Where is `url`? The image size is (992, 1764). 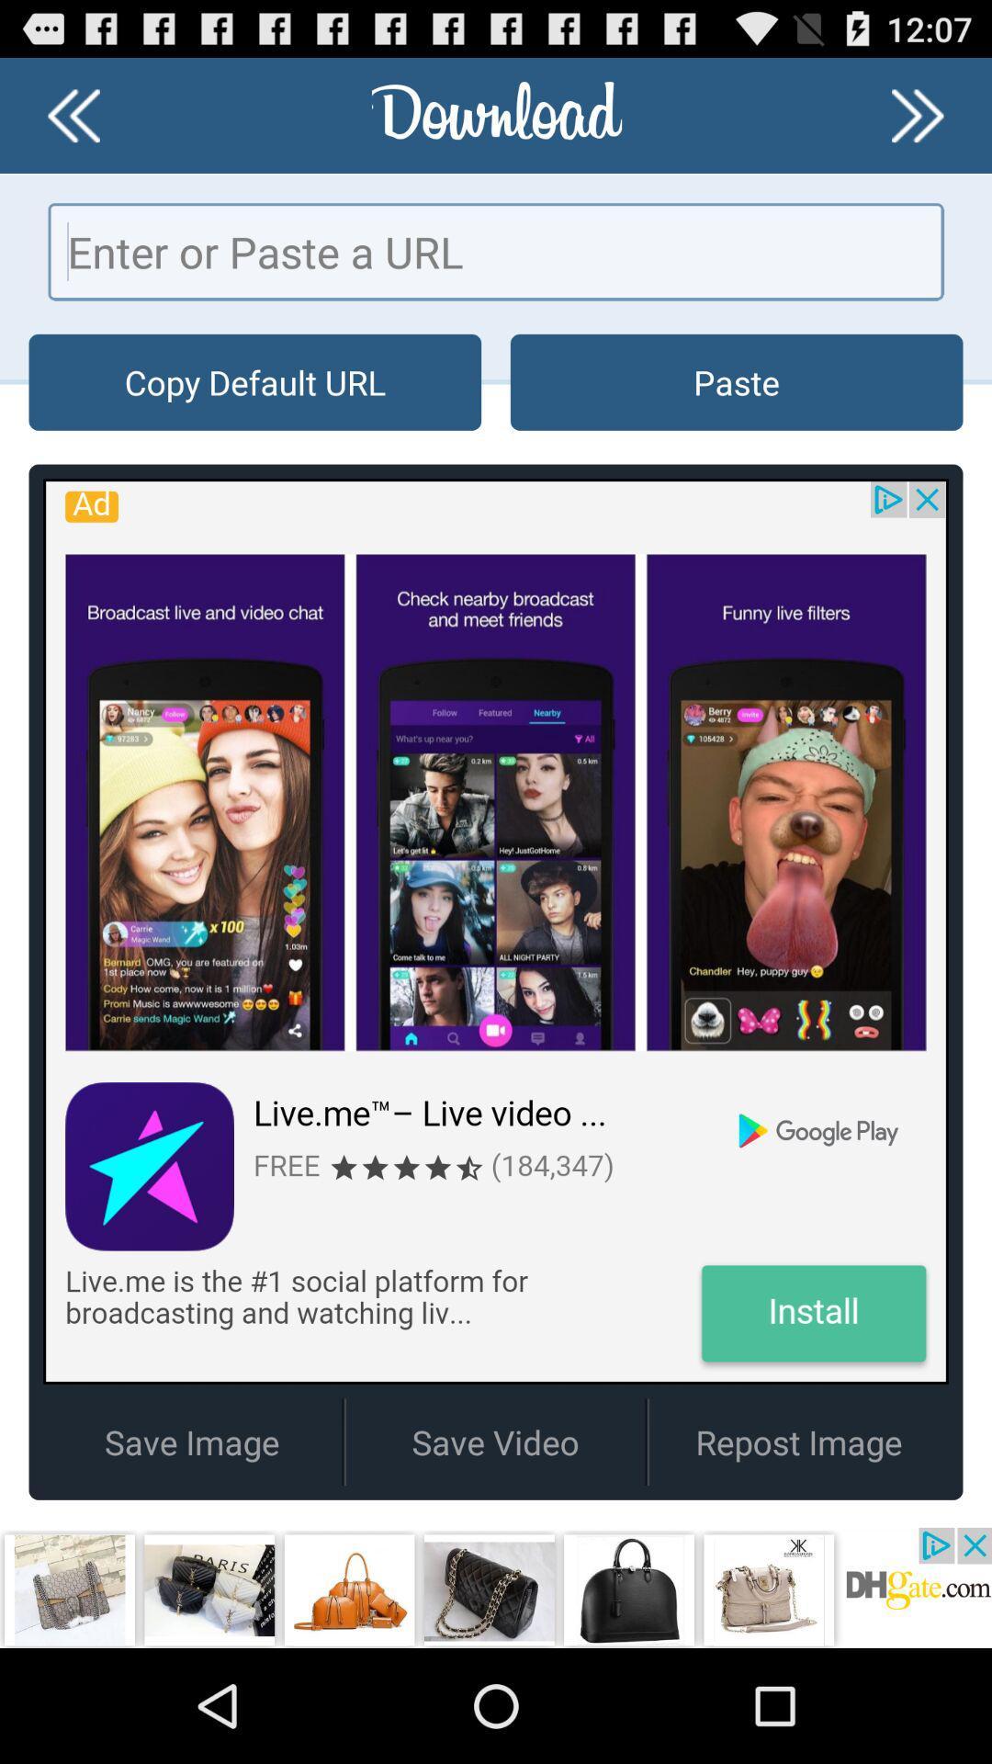
url is located at coordinates (496, 251).